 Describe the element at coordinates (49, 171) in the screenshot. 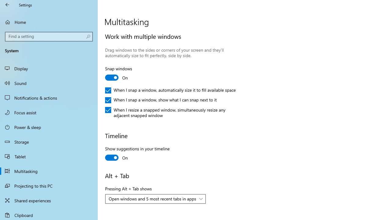

I see `'Multitasking'` at that location.